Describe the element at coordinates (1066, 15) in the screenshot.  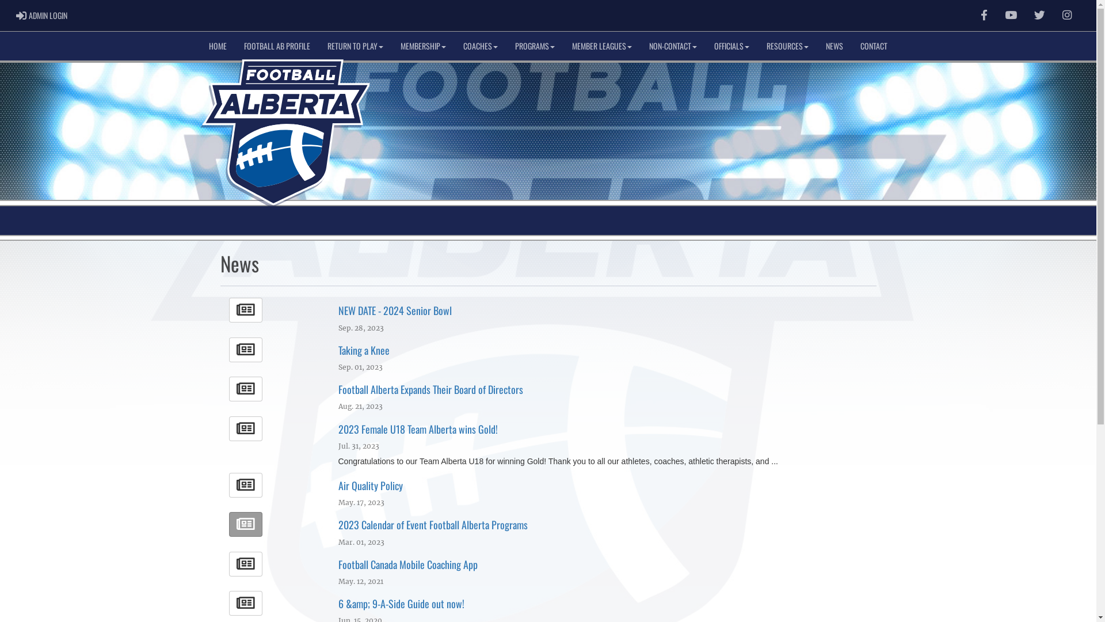
I see `'instagram'` at that location.